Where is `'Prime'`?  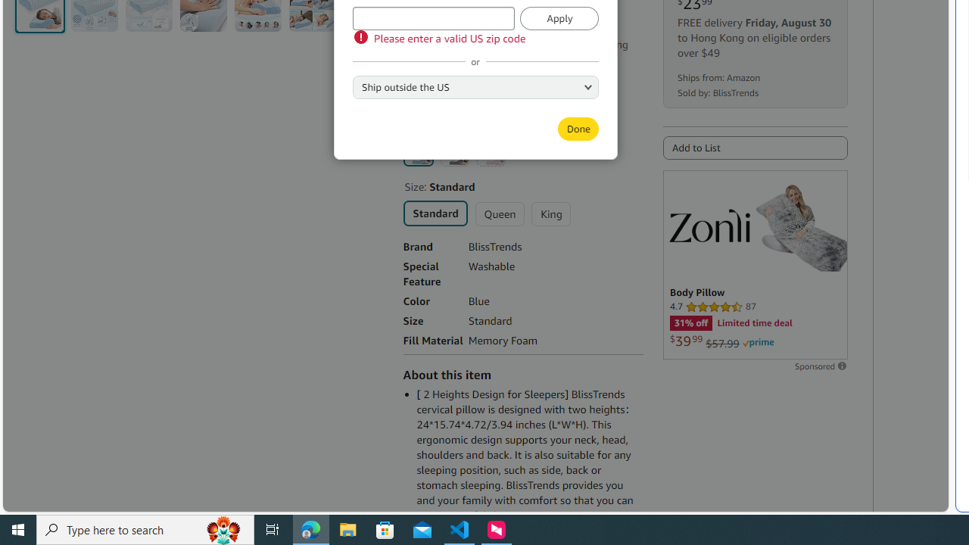 'Prime' is located at coordinates (758, 343).